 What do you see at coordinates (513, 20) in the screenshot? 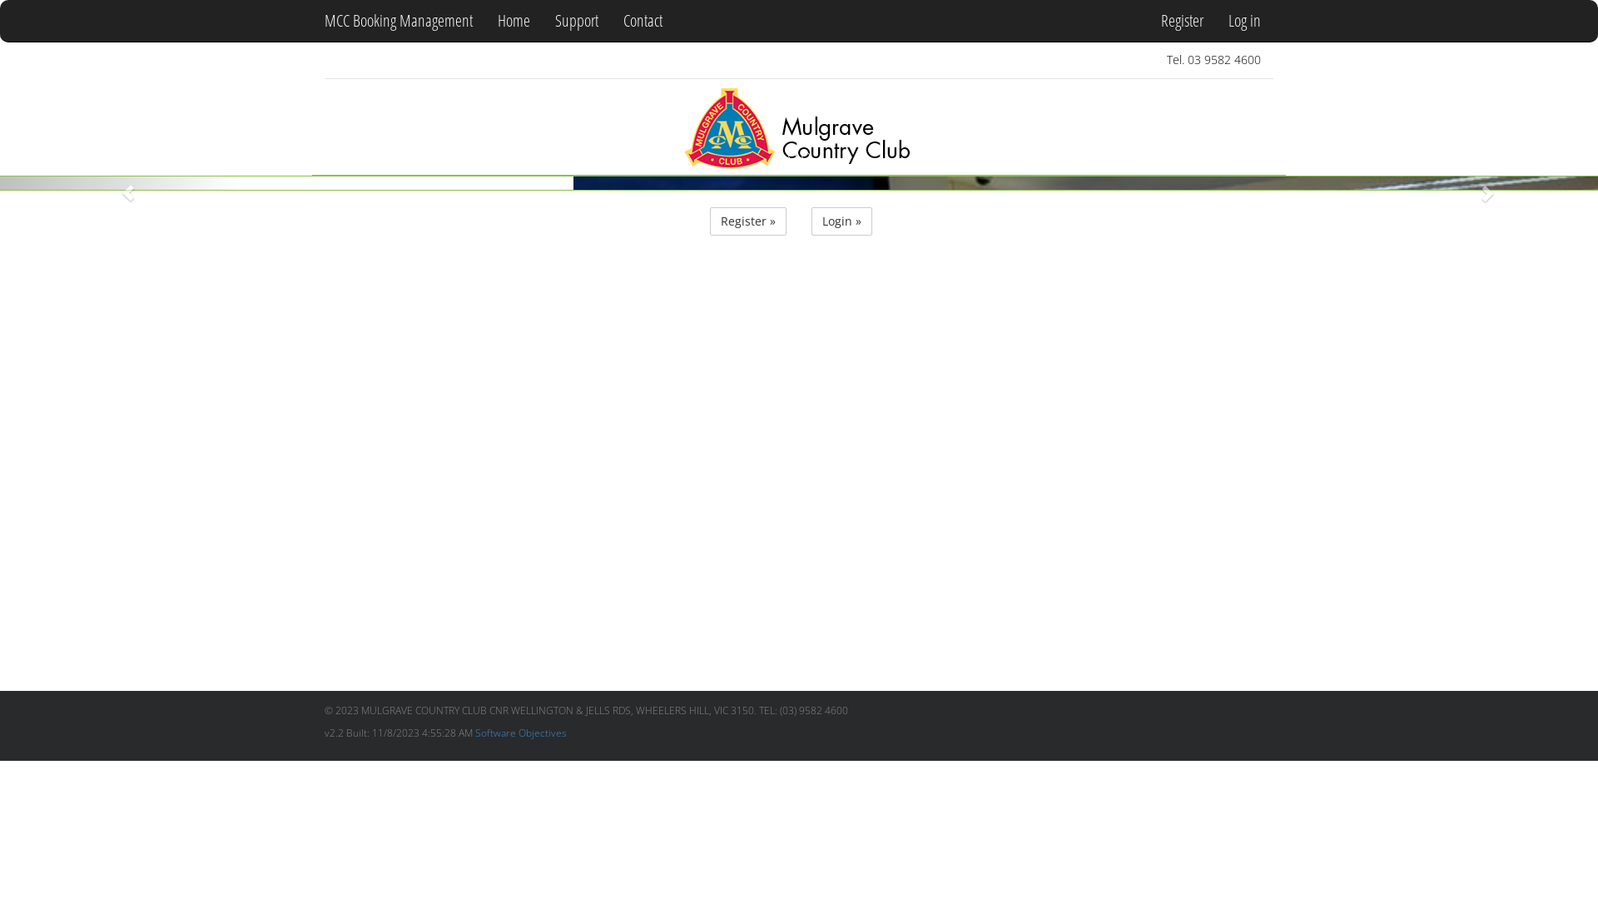
I see `'Home'` at bounding box center [513, 20].